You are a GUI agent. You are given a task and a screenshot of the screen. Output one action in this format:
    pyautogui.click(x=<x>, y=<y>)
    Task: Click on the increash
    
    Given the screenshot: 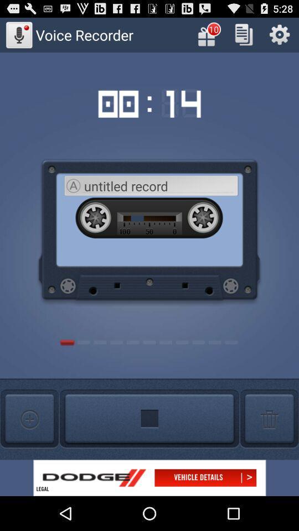 What is the action you would take?
    pyautogui.click(x=29, y=418)
    